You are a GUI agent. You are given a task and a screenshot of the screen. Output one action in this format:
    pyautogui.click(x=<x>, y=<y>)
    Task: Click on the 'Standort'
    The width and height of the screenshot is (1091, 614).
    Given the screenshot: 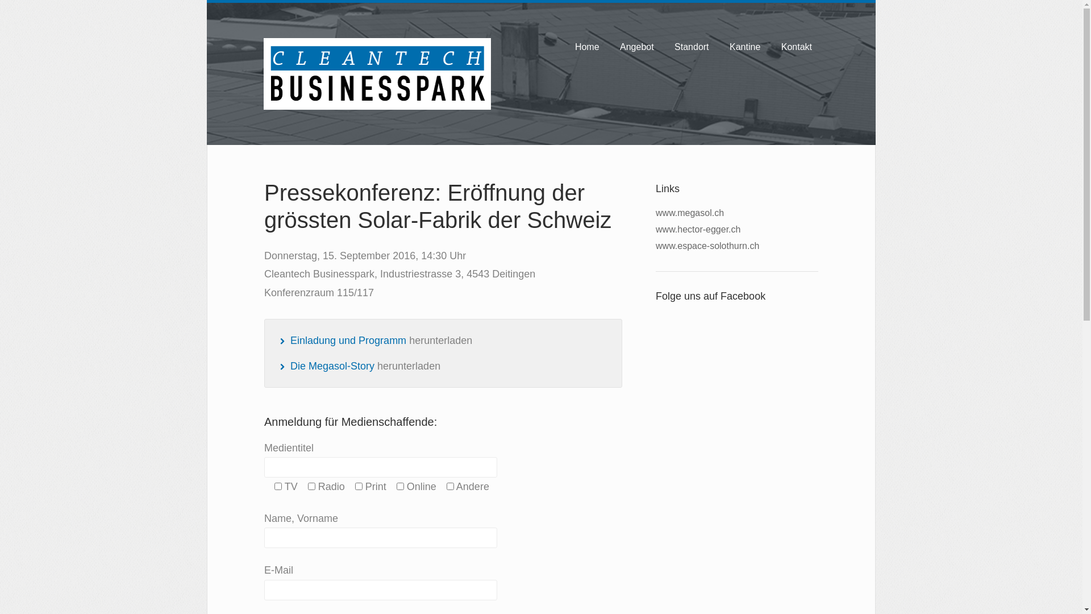 What is the action you would take?
    pyautogui.click(x=691, y=47)
    